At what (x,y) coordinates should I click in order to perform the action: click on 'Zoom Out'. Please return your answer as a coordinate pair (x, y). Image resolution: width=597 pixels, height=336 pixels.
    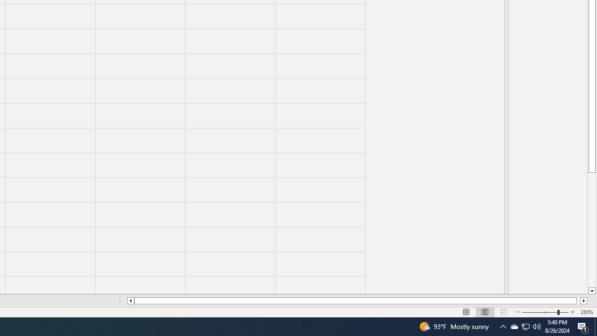
    Looking at the image, I should click on (540, 312).